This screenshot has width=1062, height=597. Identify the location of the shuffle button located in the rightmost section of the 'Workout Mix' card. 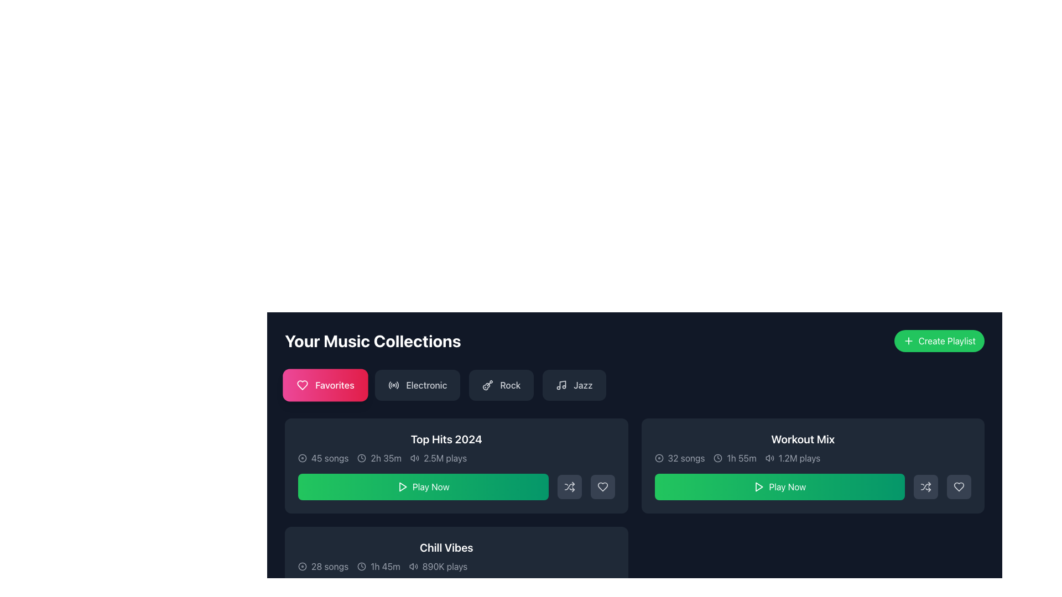
(926, 486).